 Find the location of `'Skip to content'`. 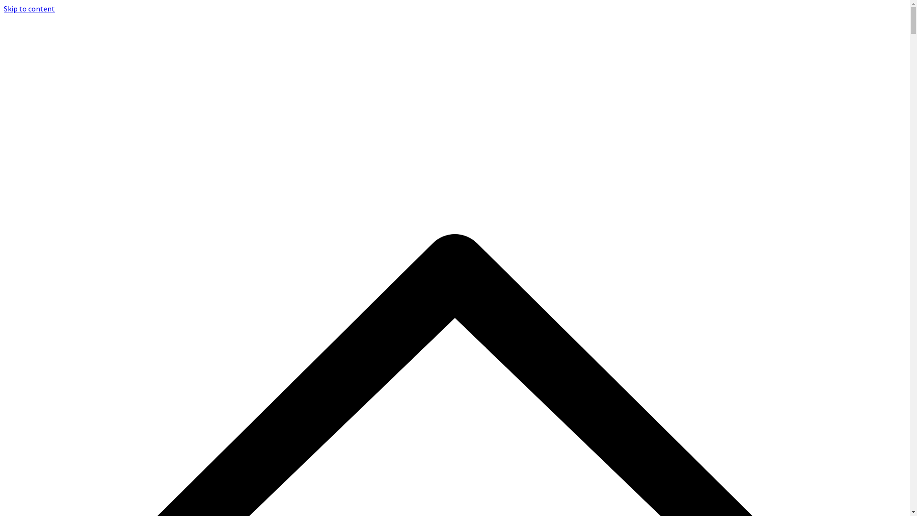

'Skip to content' is located at coordinates (29, 9).